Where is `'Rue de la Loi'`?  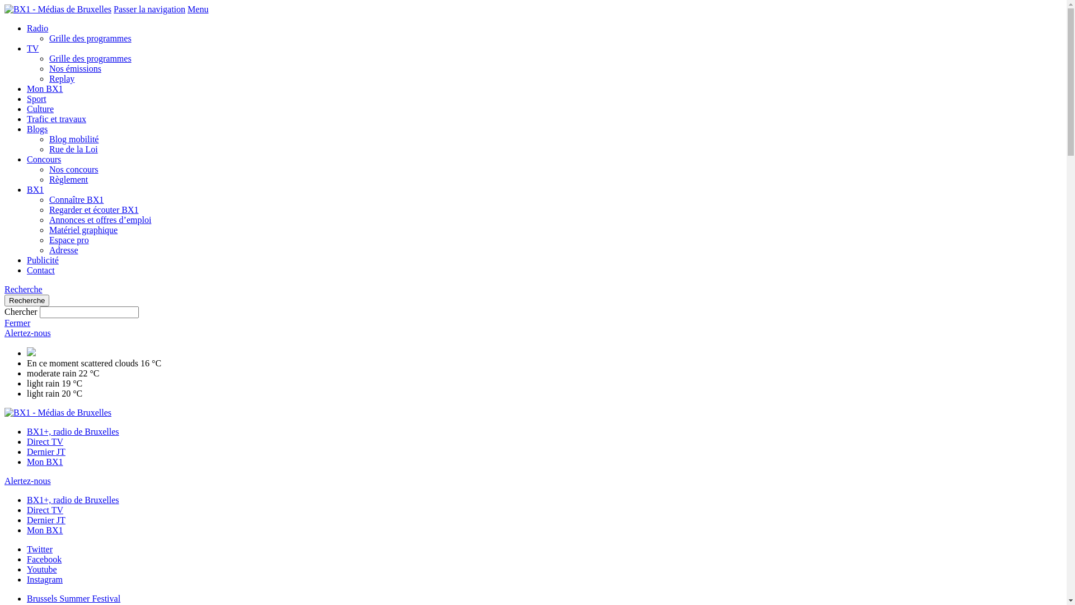
'Rue de la Loi' is located at coordinates (73, 148).